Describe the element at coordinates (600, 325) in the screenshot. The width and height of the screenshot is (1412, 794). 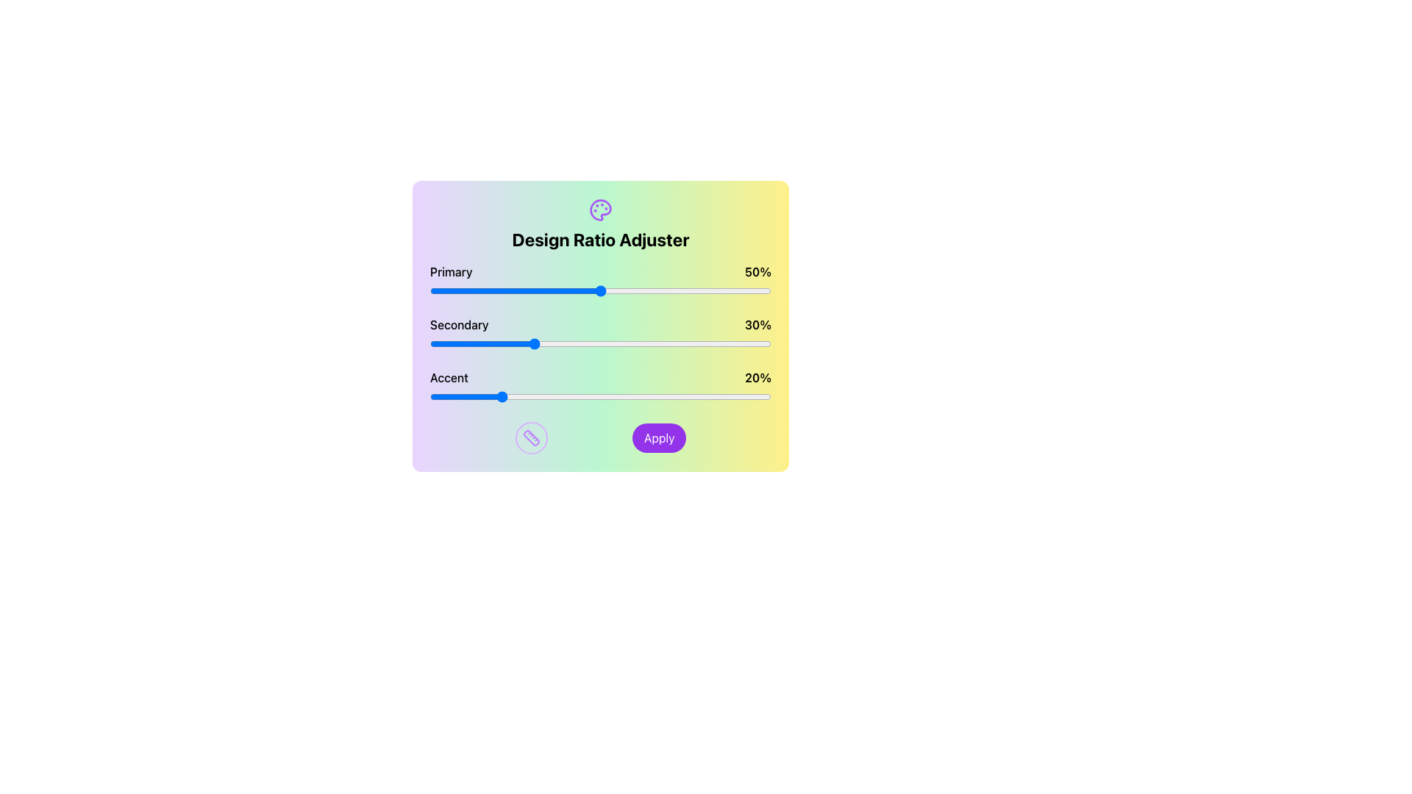
I see `the sliders in the 'Design Ratio Adjuster' box` at that location.